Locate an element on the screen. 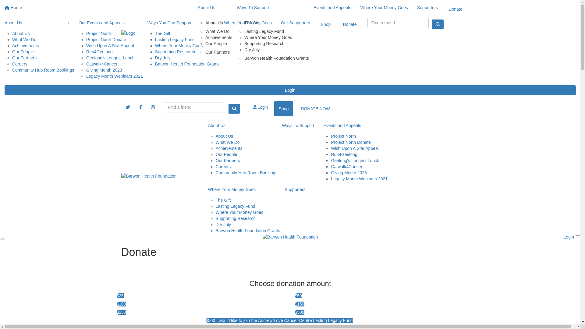 The image size is (585, 329). 'Catwalk4Cancer' is located at coordinates (346, 167).